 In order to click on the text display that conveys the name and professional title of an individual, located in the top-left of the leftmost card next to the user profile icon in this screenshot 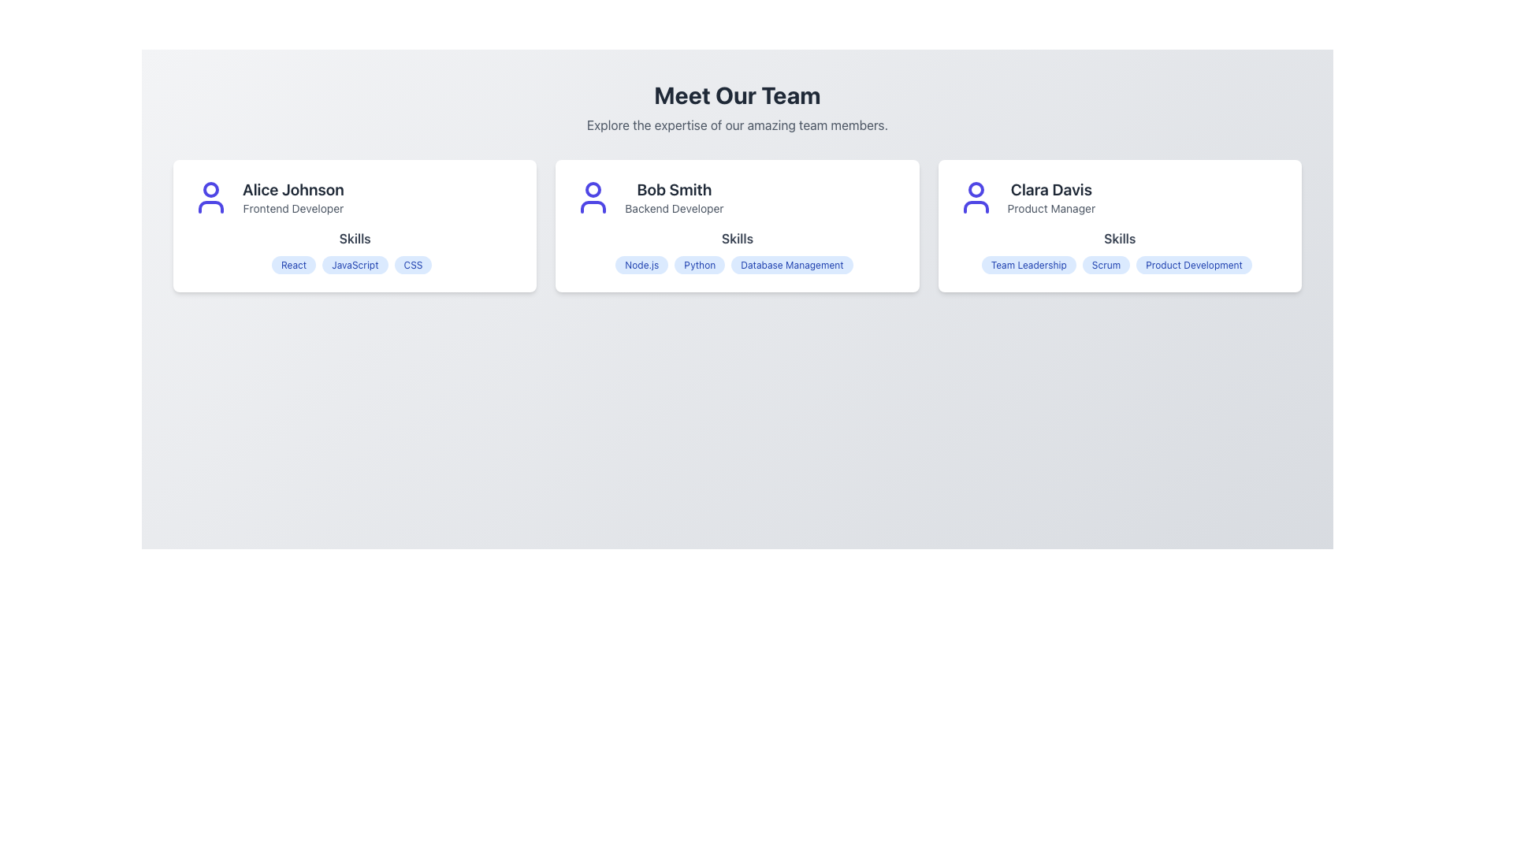, I will do `click(293, 196)`.